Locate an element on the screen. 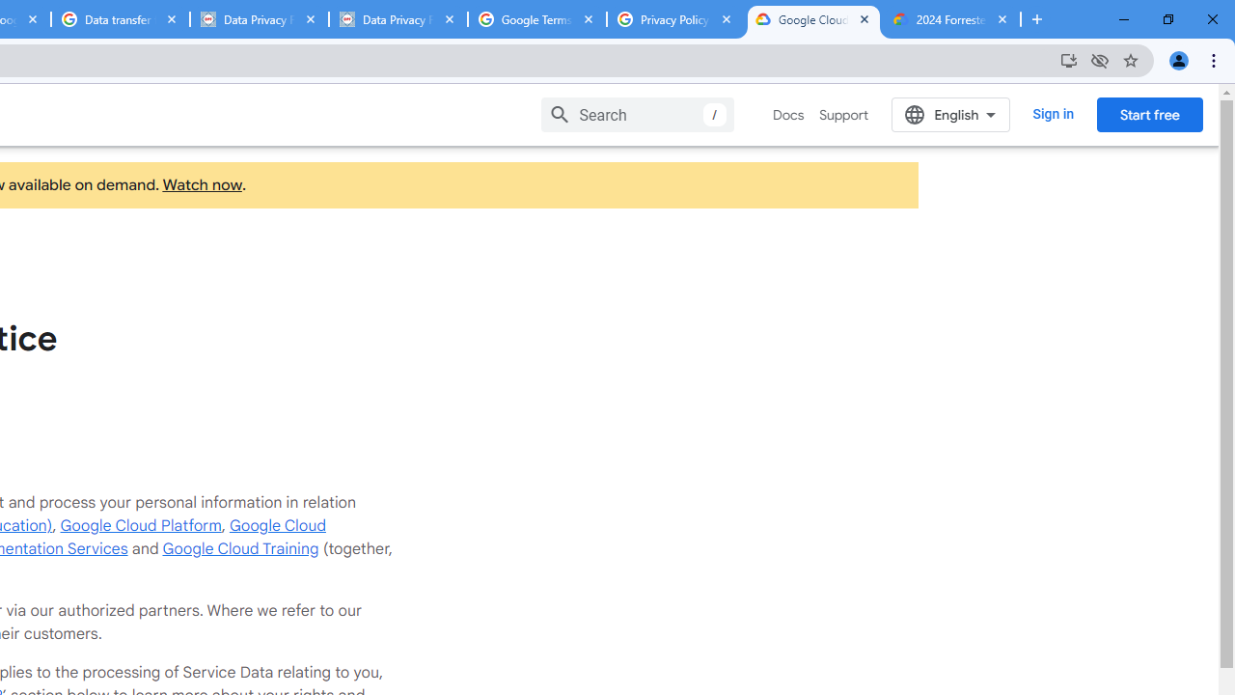 The height and width of the screenshot is (695, 1235). 'Watch now' is located at coordinates (202, 185).